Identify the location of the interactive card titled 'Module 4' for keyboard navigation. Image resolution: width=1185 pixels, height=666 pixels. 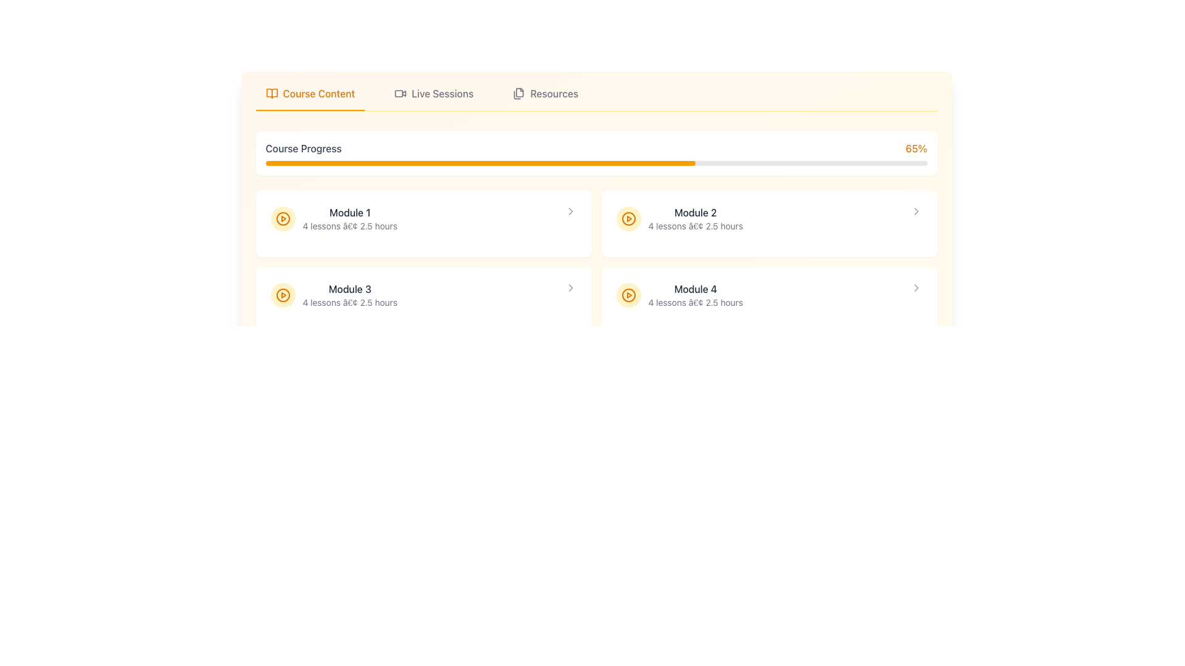
(768, 300).